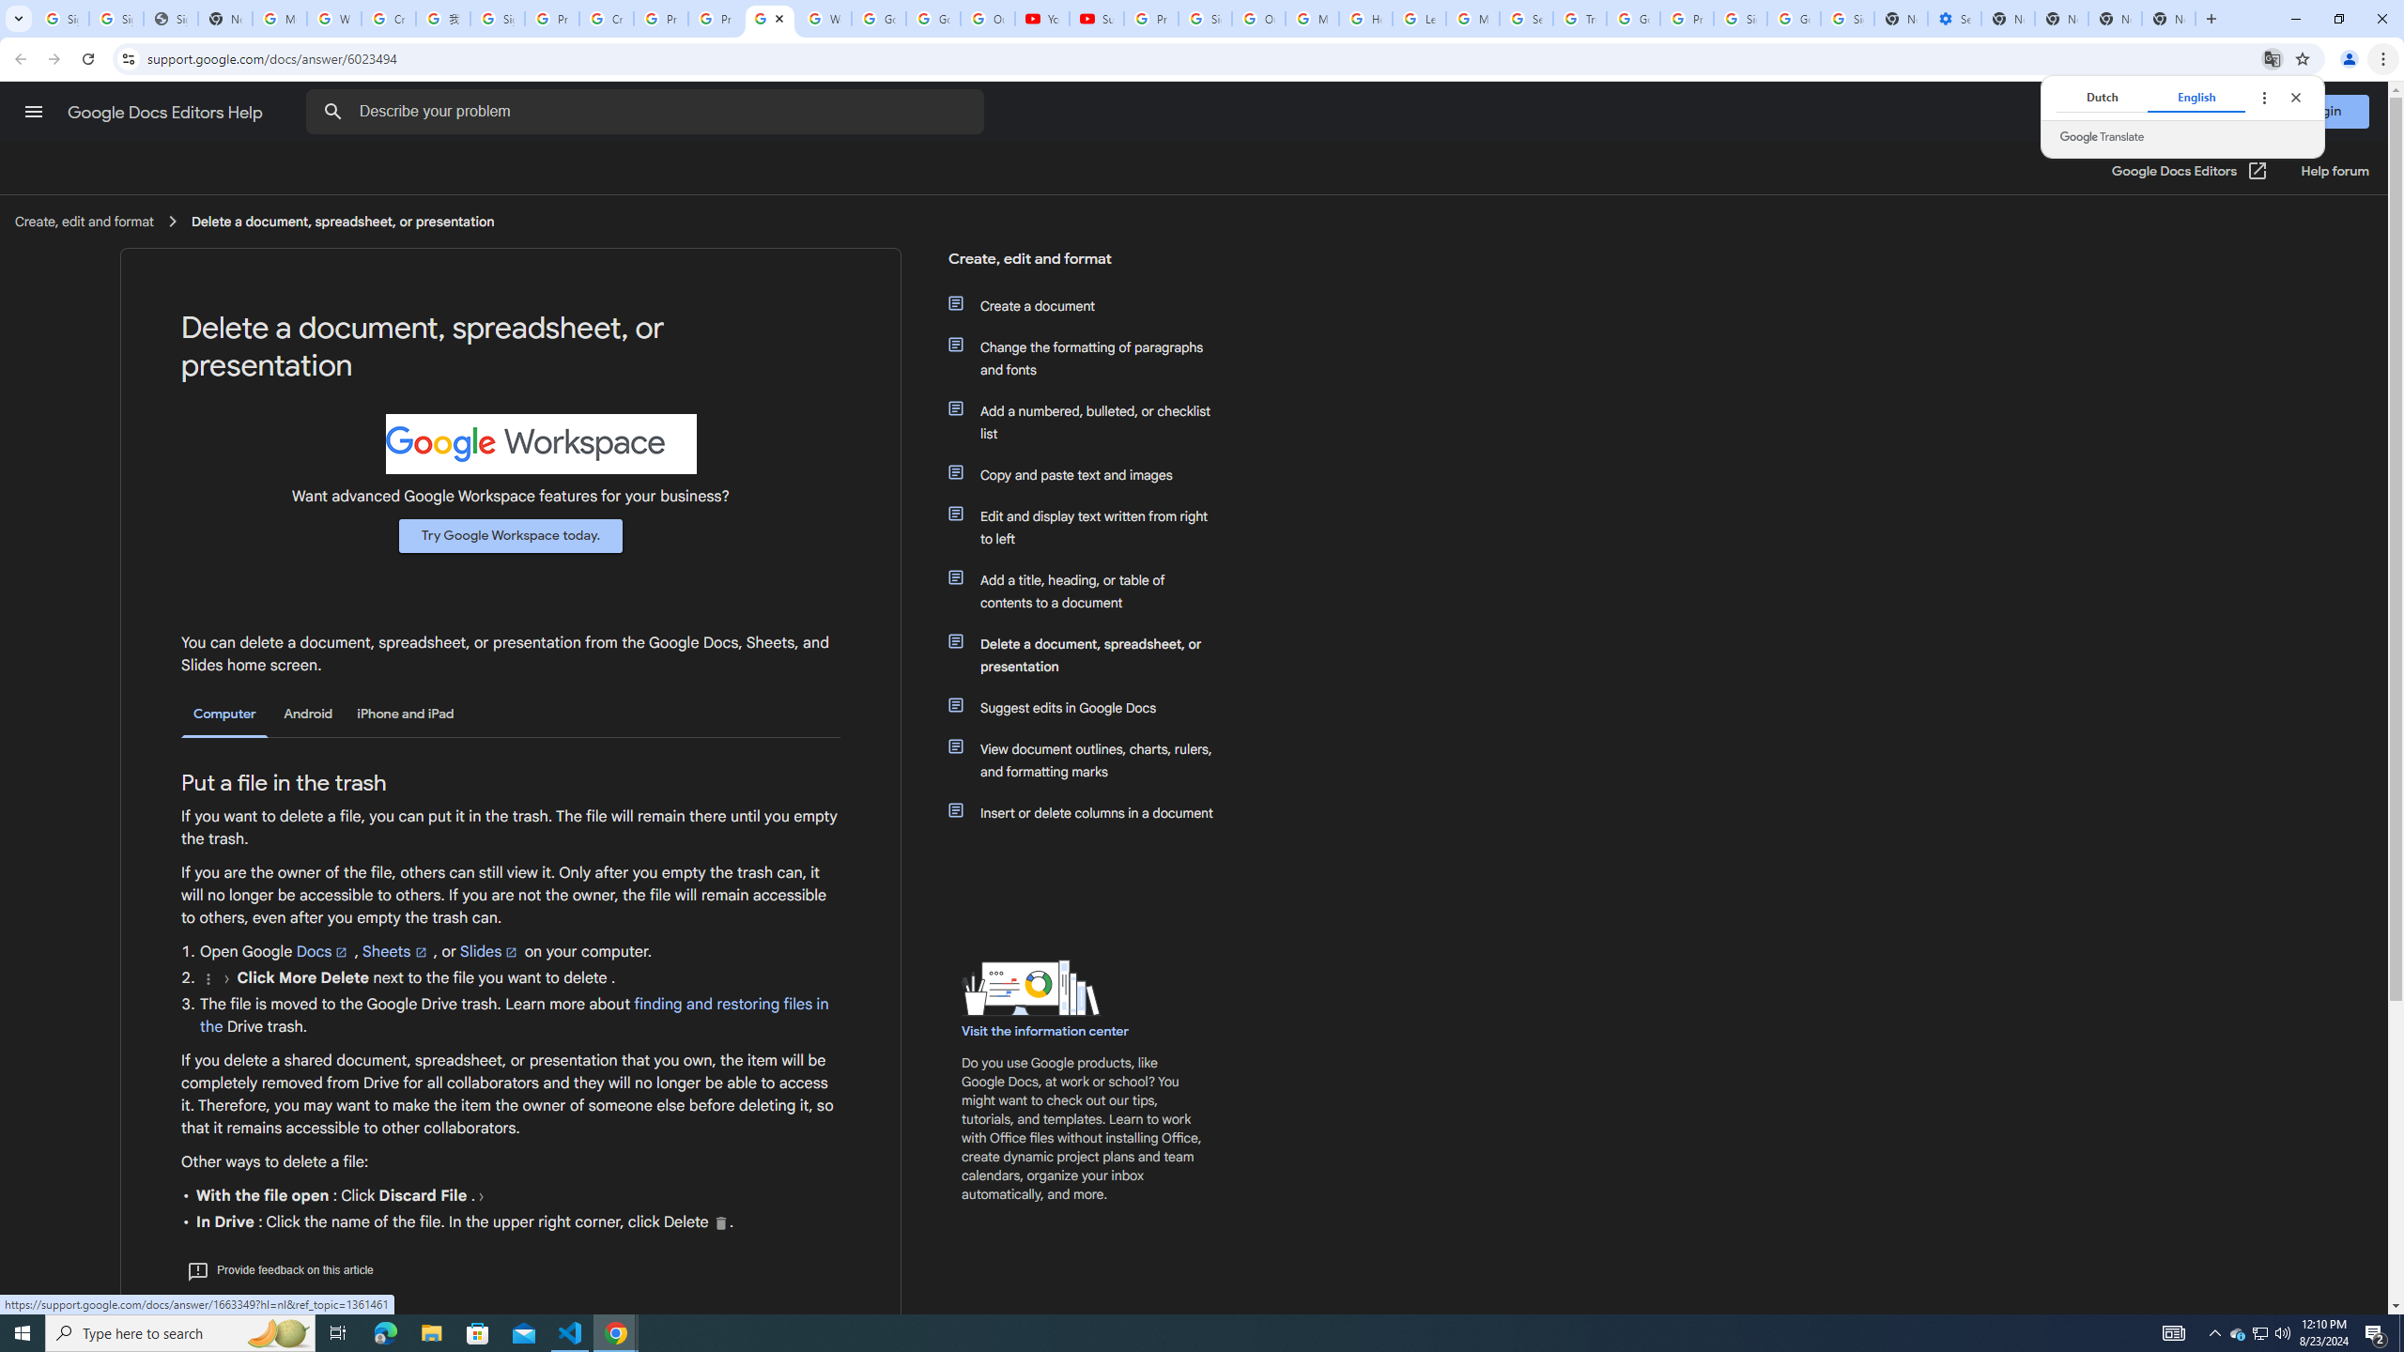 The width and height of the screenshot is (2404, 1352). What do you see at coordinates (1091, 305) in the screenshot?
I see `'Create a document'` at bounding box center [1091, 305].